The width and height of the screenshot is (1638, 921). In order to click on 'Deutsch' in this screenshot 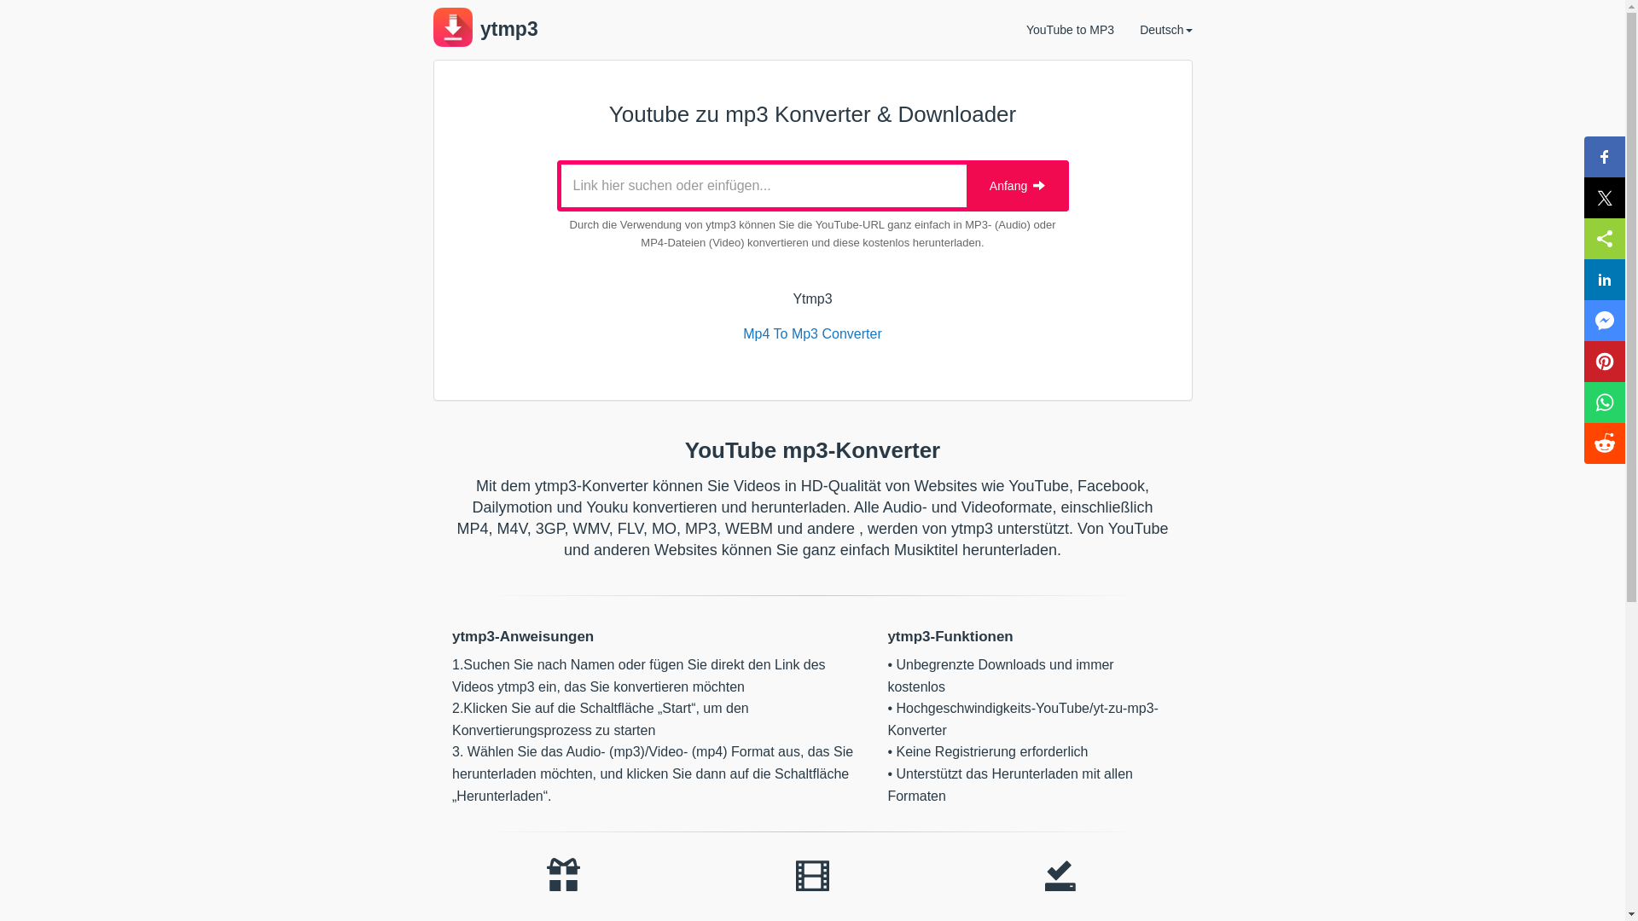, I will do `click(1165, 29)`.